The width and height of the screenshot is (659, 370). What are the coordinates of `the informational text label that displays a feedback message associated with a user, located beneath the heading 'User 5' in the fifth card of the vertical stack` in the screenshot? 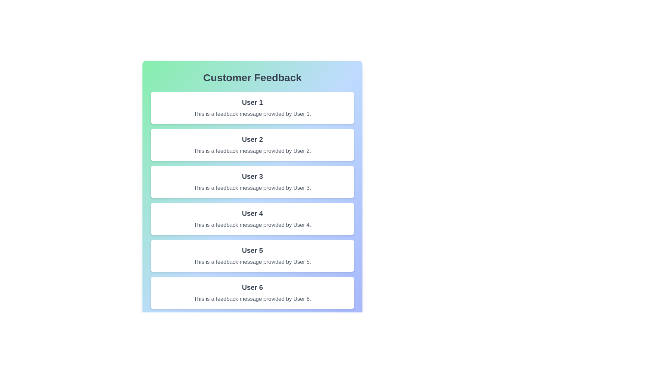 It's located at (252, 262).